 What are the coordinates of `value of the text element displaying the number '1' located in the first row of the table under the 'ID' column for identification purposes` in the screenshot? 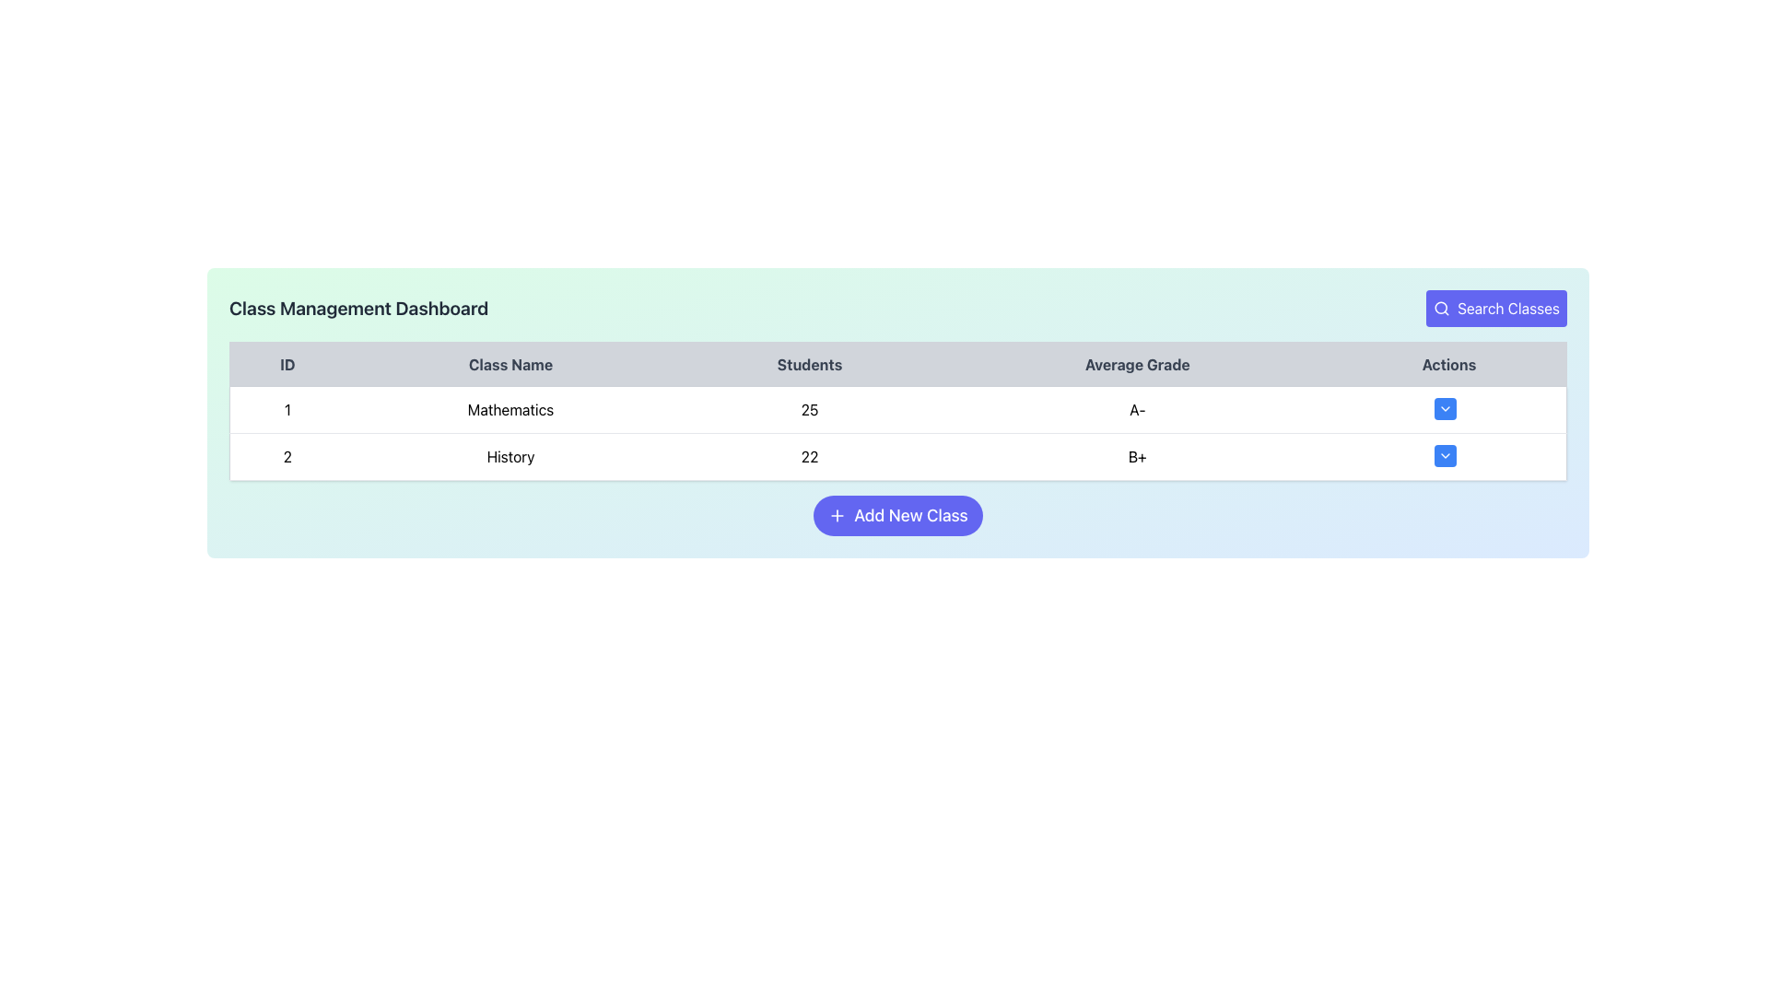 It's located at (287, 409).